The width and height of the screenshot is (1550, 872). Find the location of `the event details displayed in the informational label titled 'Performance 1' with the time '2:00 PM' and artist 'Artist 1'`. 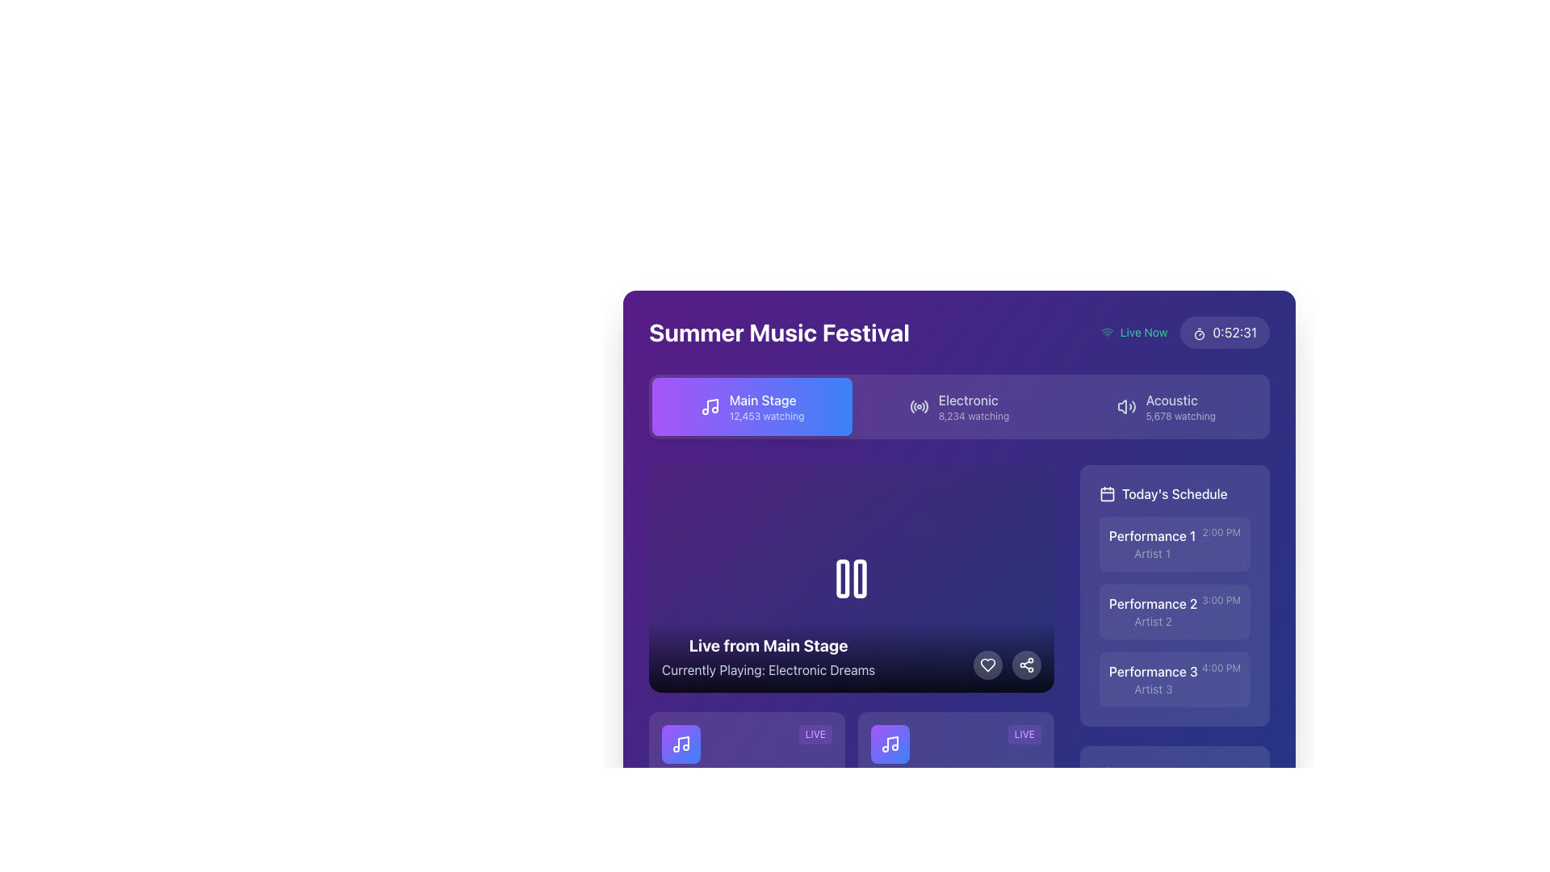

the event details displayed in the informational label titled 'Performance 1' with the time '2:00 PM' and artist 'Artist 1' is located at coordinates (1175, 544).